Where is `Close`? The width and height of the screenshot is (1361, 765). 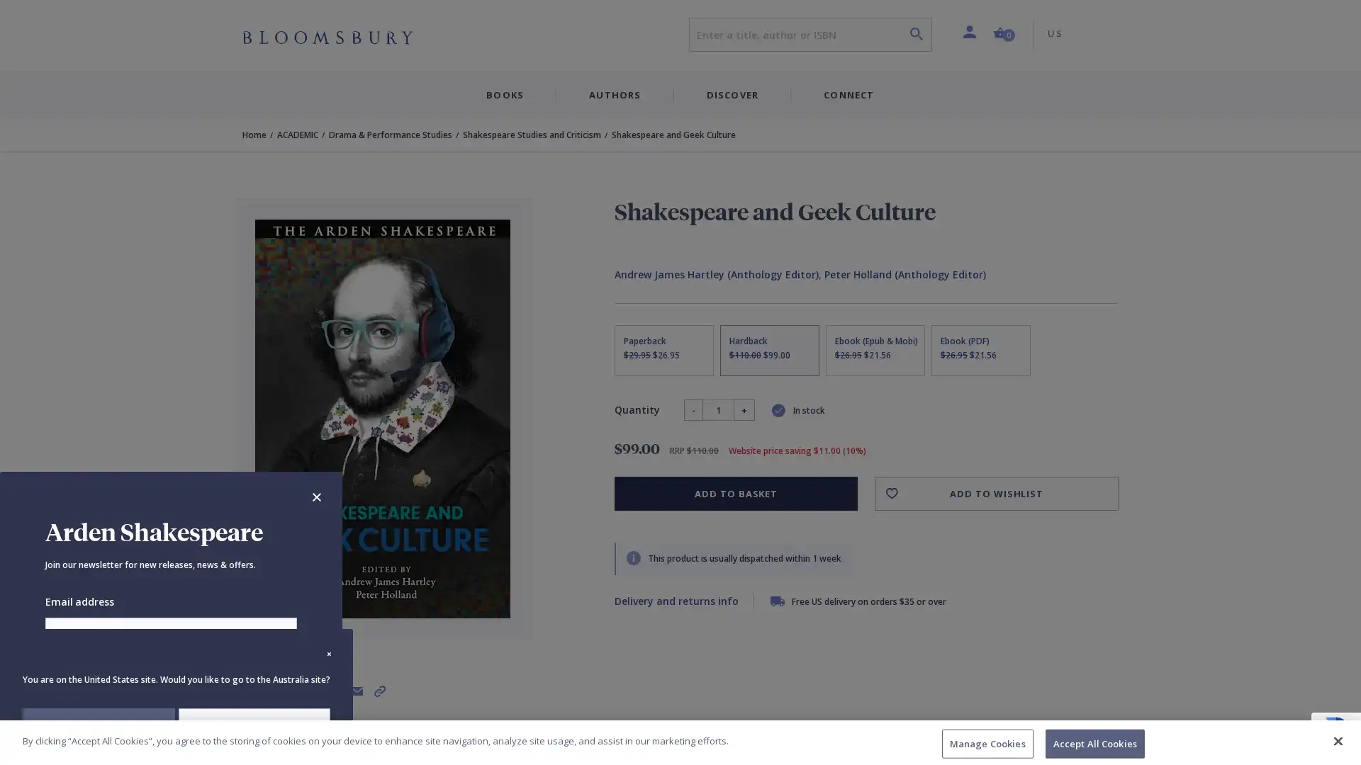
Close is located at coordinates (328, 654).